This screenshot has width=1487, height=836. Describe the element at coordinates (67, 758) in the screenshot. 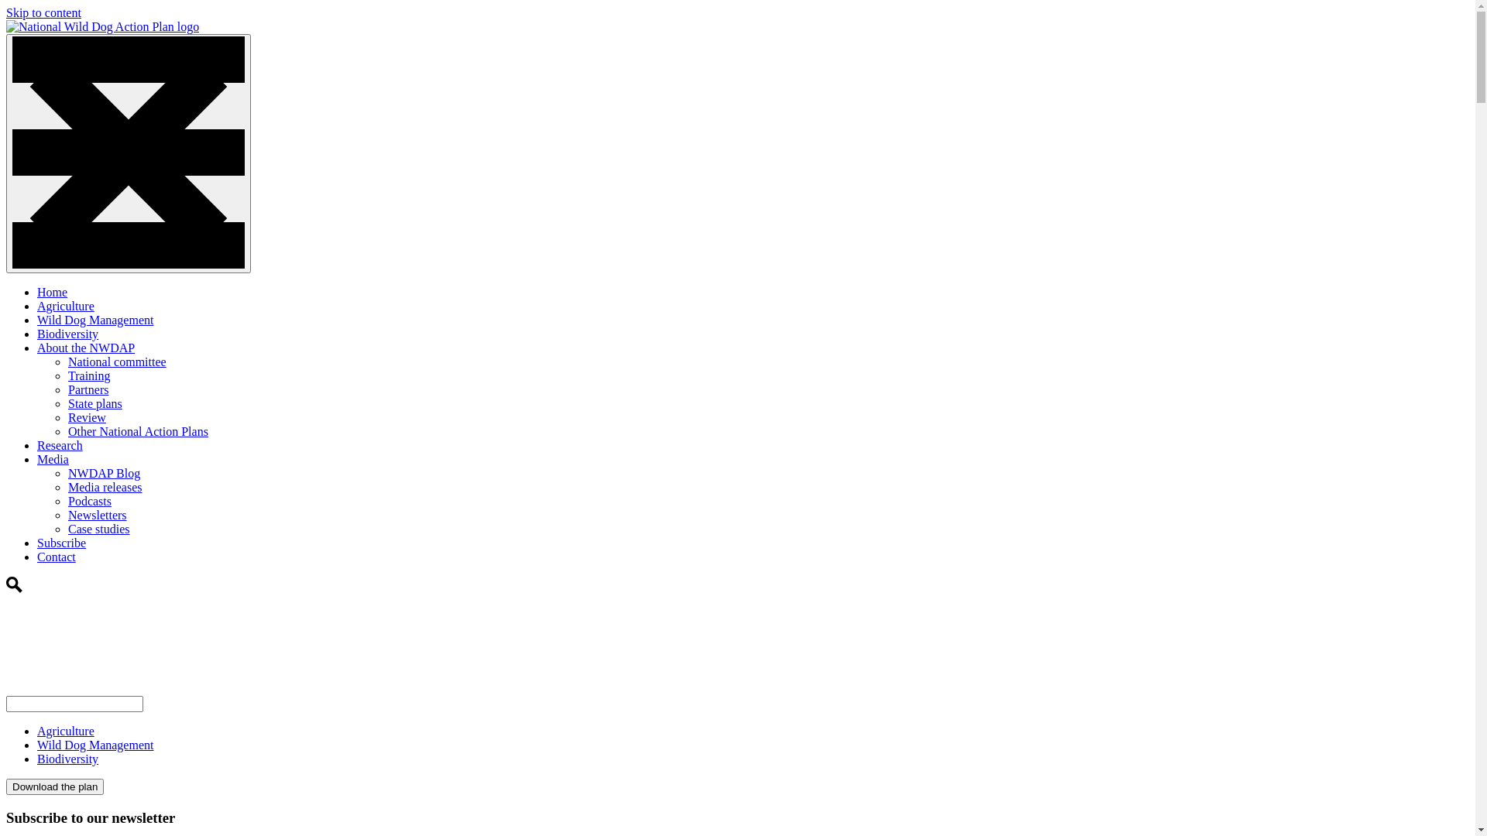

I see `'Biodiversity'` at that location.